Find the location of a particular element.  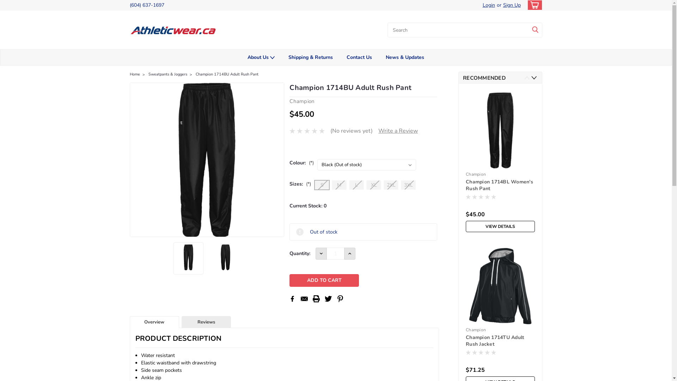

'Champion 1714BL Women's Rush Pant' is located at coordinates (500, 185).